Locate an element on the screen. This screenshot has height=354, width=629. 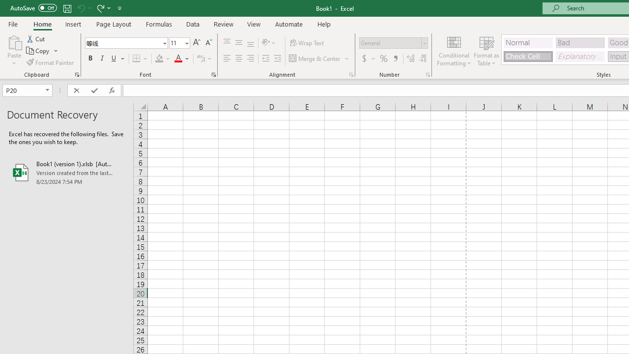
'Home' is located at coordinates (42, 24).